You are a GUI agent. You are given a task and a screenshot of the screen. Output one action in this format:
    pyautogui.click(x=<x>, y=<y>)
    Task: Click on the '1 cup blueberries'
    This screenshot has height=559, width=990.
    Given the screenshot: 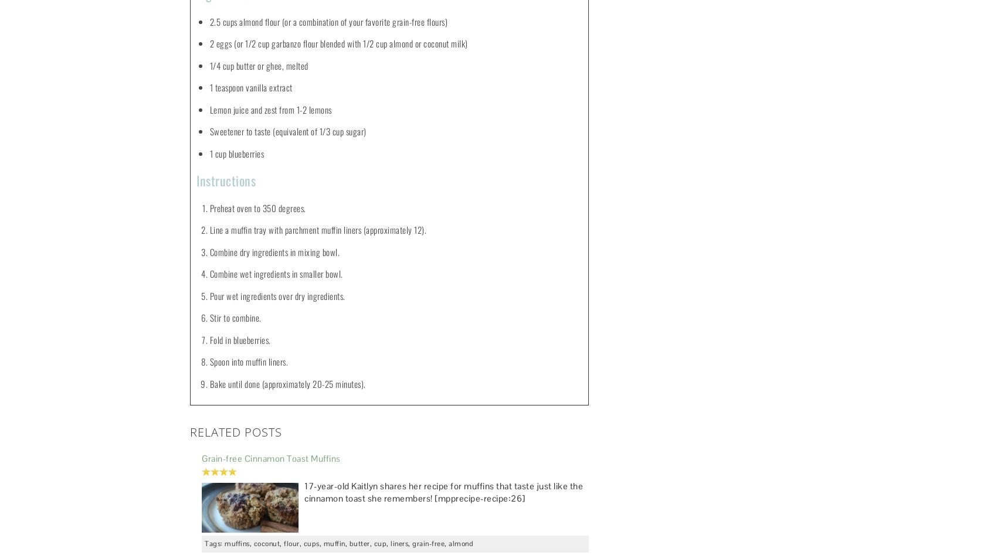 What is the action you would take?
    pyautogui.click(x=236, y=153)
    